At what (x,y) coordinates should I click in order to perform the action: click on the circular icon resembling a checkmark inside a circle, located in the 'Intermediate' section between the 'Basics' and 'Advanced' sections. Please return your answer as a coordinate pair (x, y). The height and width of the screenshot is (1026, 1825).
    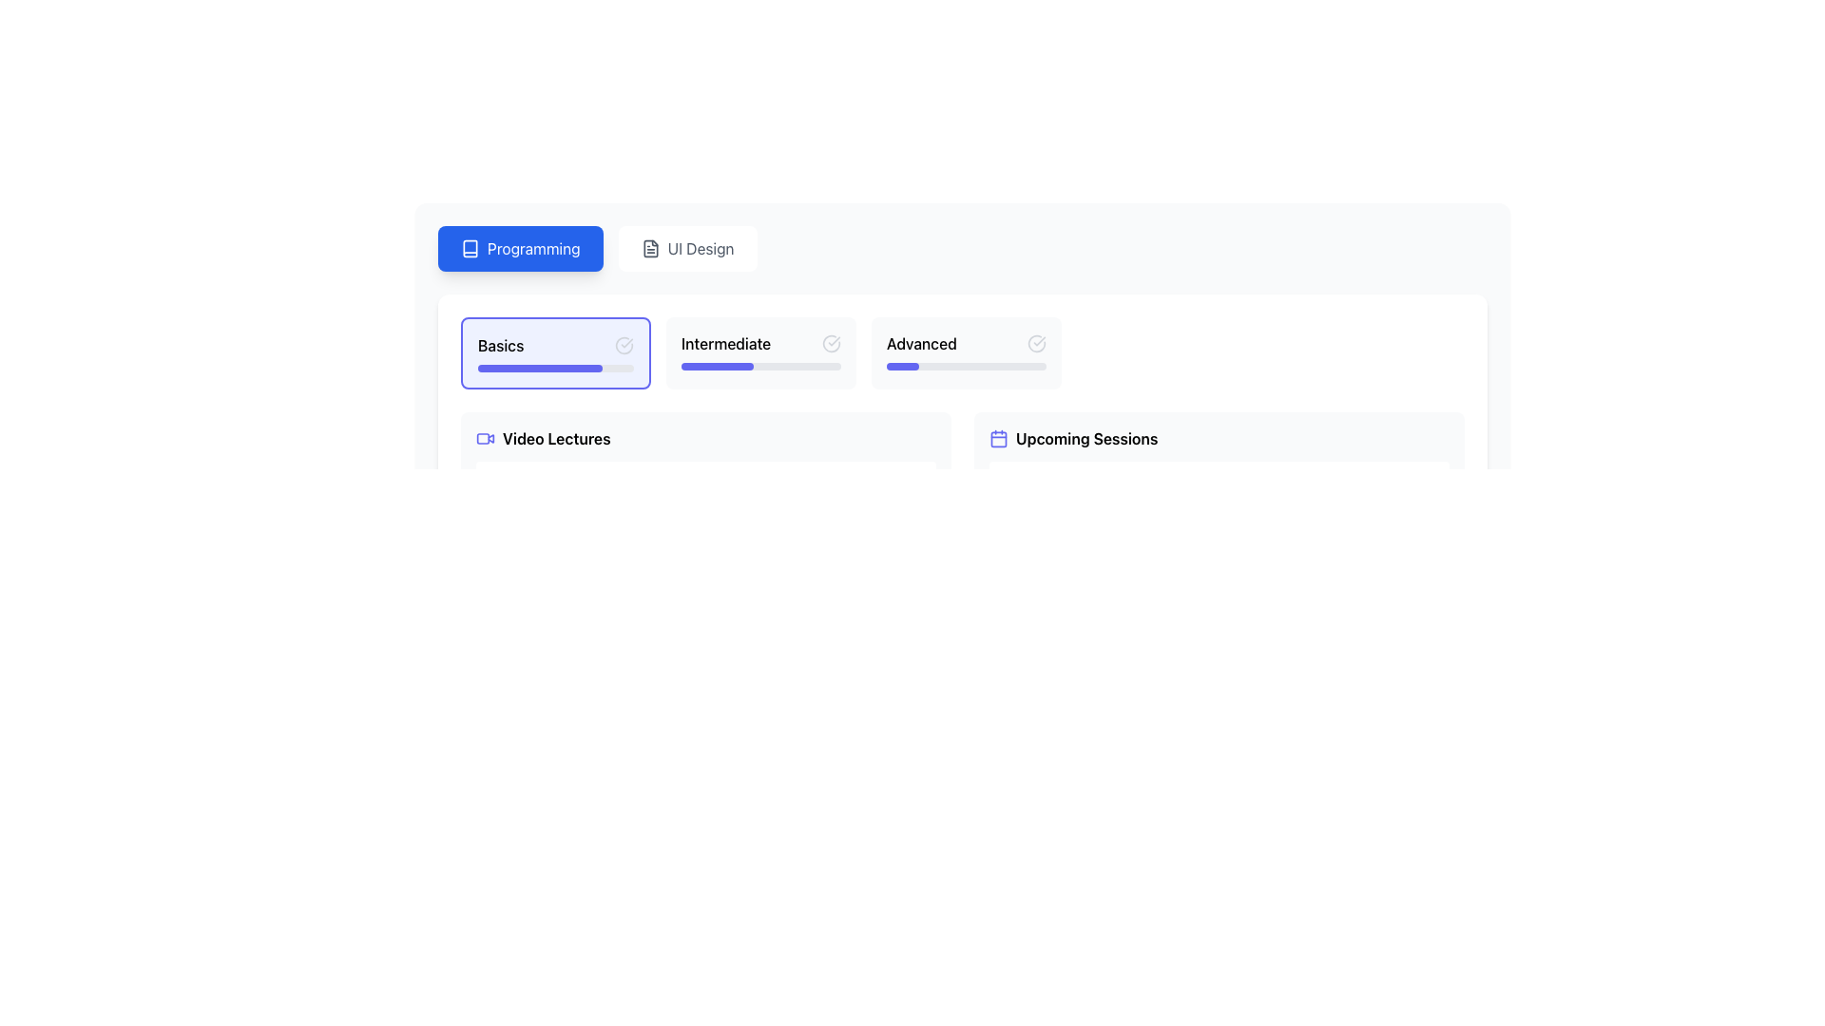
    Looking at the image, I should click on (831, 344).